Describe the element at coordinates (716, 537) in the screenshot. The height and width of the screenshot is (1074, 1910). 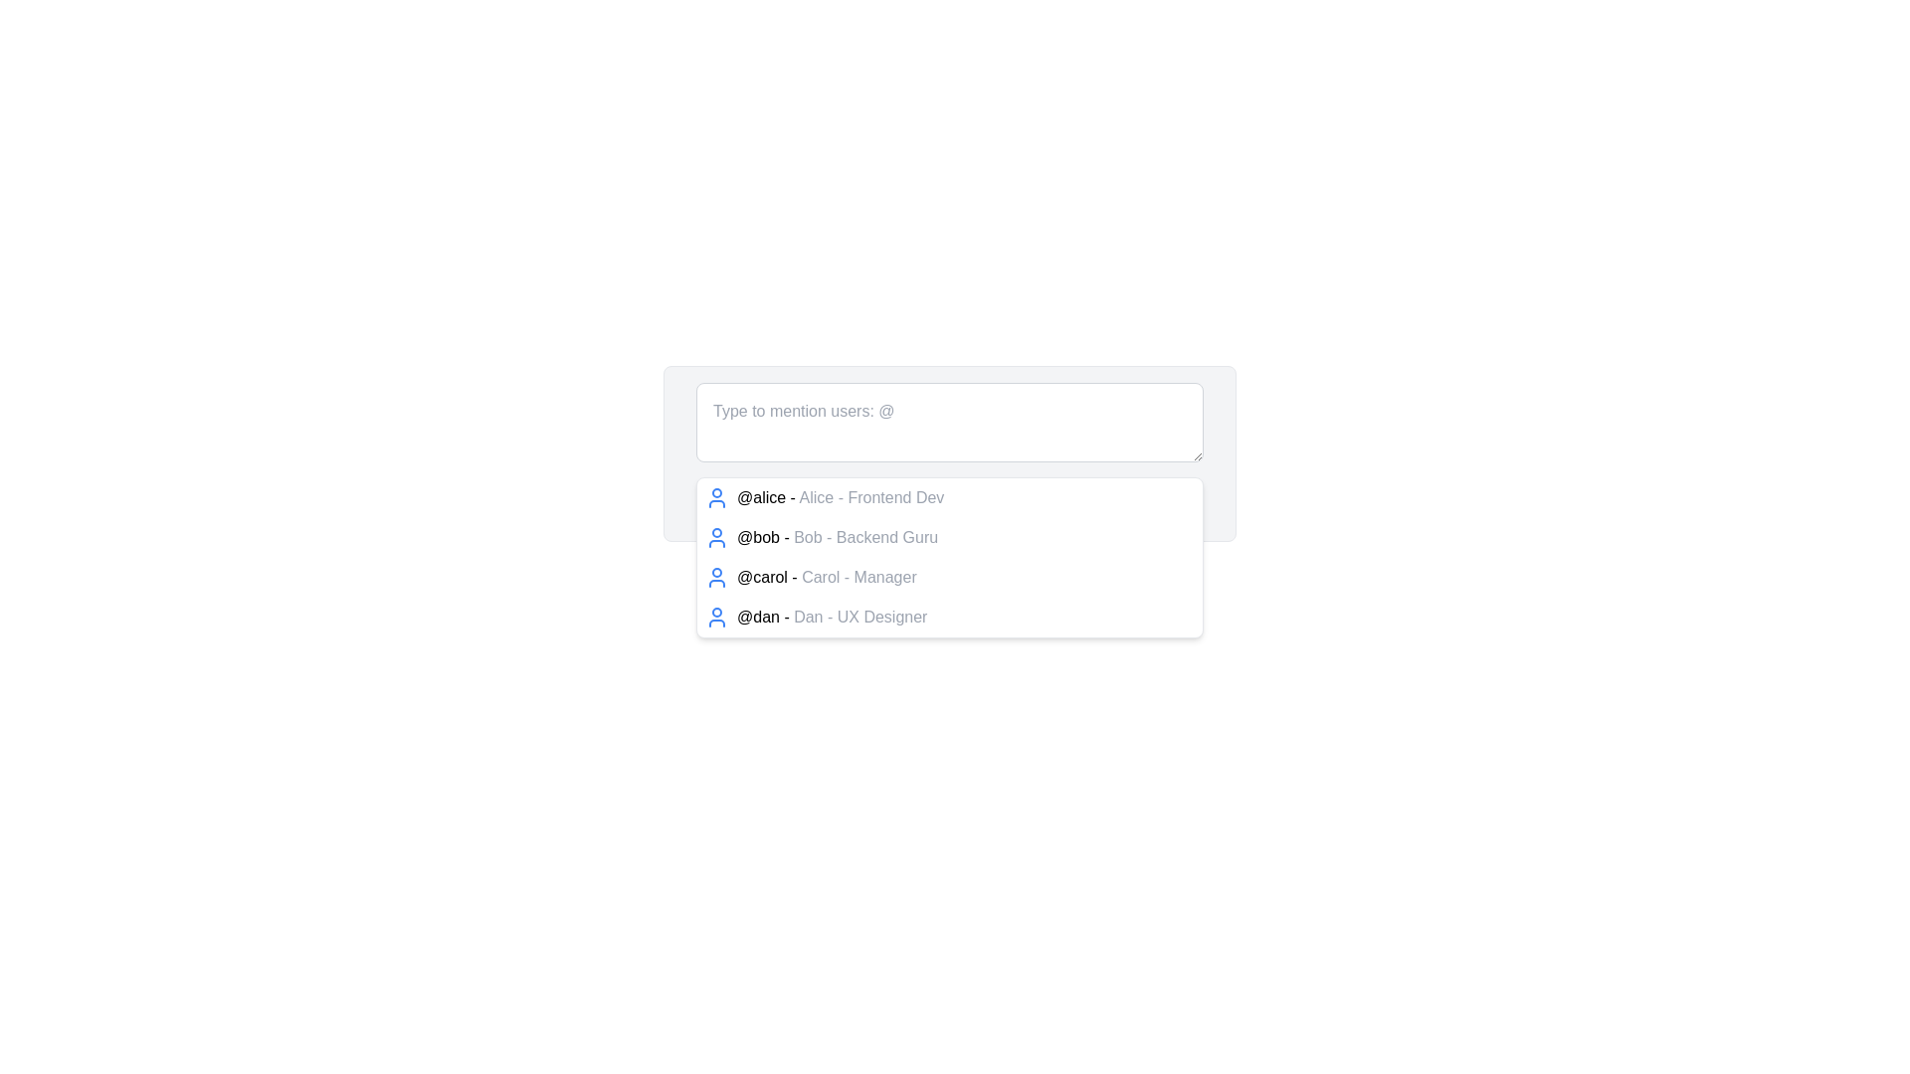
I see `the Profile icon (SVG image) which is a small user profile icon styled as a circular blue outline with a centered head-and-shoulders shape, located to the left of the text '@bob - Bob - Backend Guru'` at that location.